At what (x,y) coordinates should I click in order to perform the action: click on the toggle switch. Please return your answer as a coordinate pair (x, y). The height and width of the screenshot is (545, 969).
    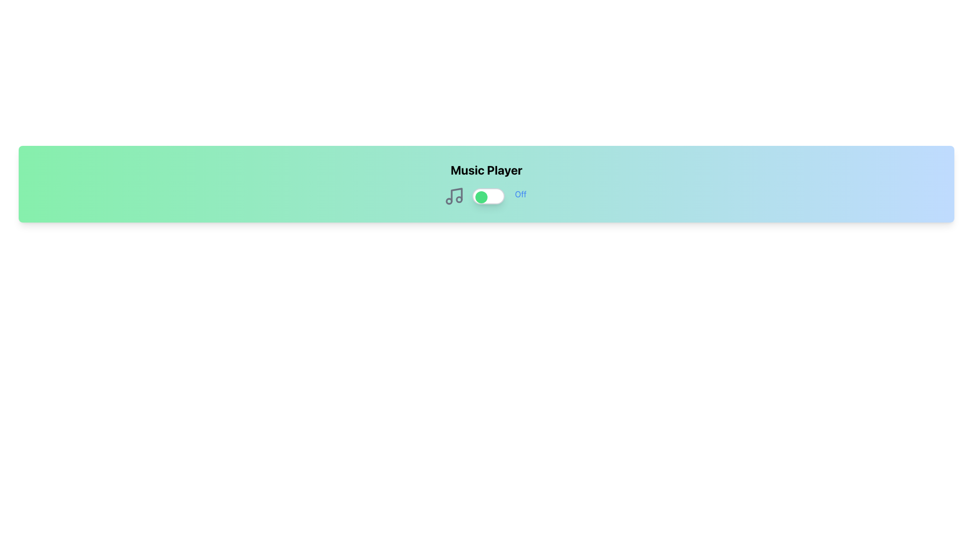
    Looking at the image, I should click on (472, 196).